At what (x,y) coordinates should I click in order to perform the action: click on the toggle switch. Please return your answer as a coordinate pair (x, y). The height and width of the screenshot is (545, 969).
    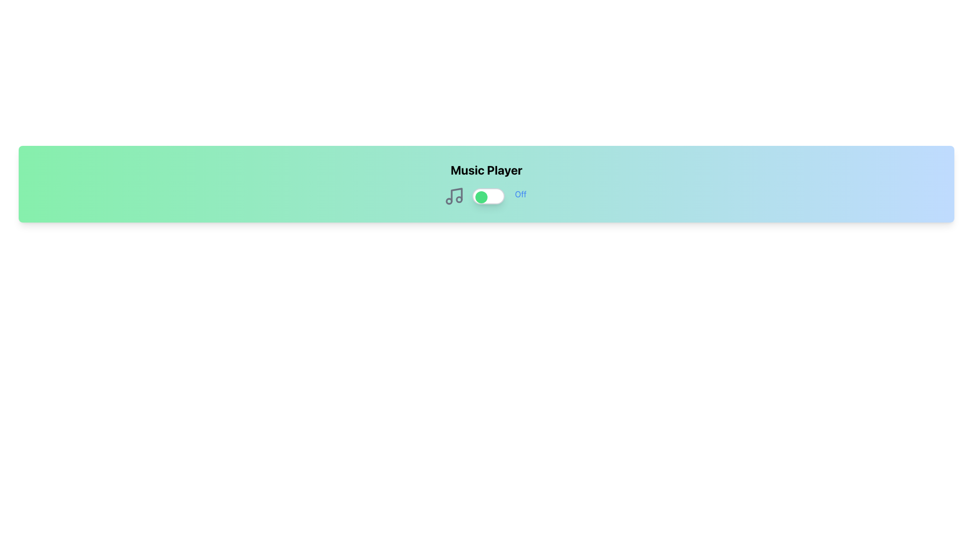
    Looking at the image, I should click on (472, 196).